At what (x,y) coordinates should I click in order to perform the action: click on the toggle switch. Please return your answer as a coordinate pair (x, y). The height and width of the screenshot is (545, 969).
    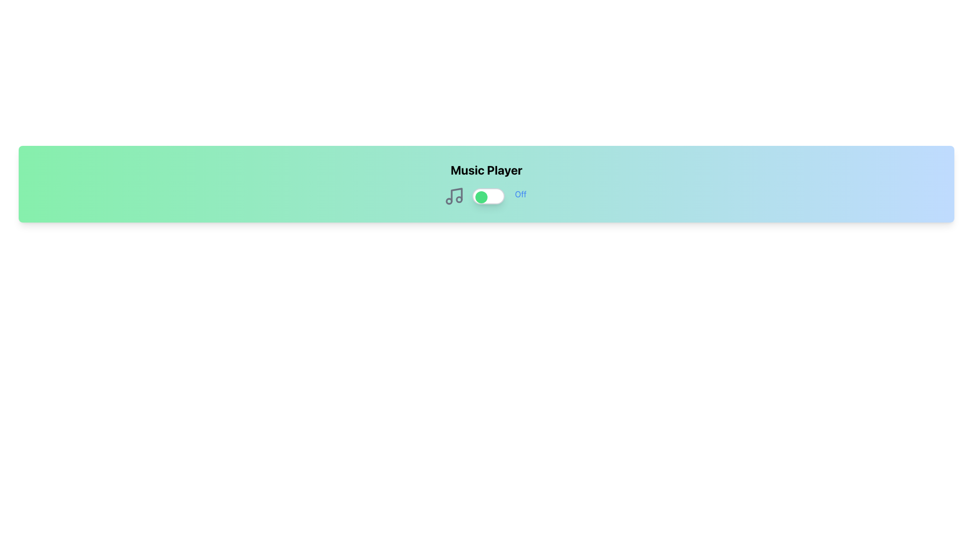
    Looking at the image, I should click on (472, 196).